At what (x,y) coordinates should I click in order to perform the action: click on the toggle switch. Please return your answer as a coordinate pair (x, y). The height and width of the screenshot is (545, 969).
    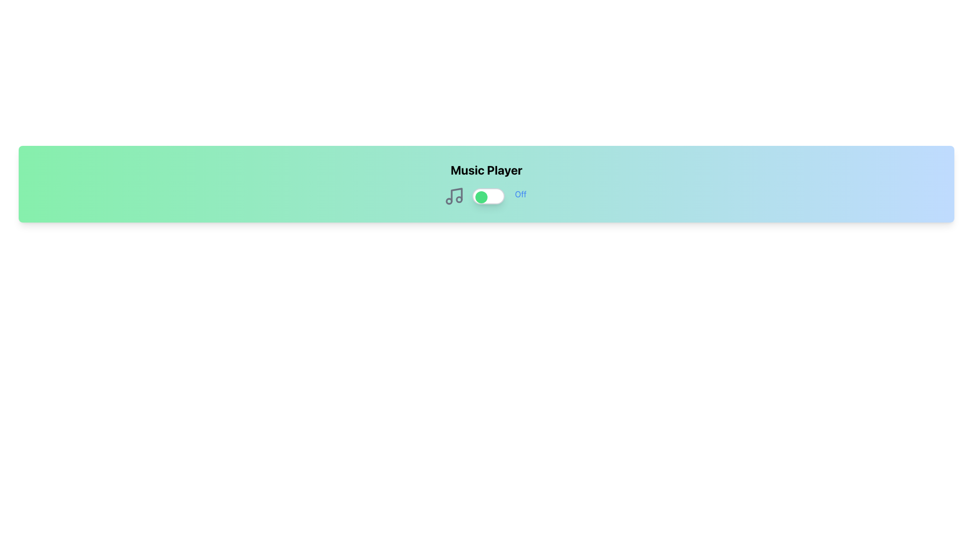
    Looking at the image, I should click on (472, 196).